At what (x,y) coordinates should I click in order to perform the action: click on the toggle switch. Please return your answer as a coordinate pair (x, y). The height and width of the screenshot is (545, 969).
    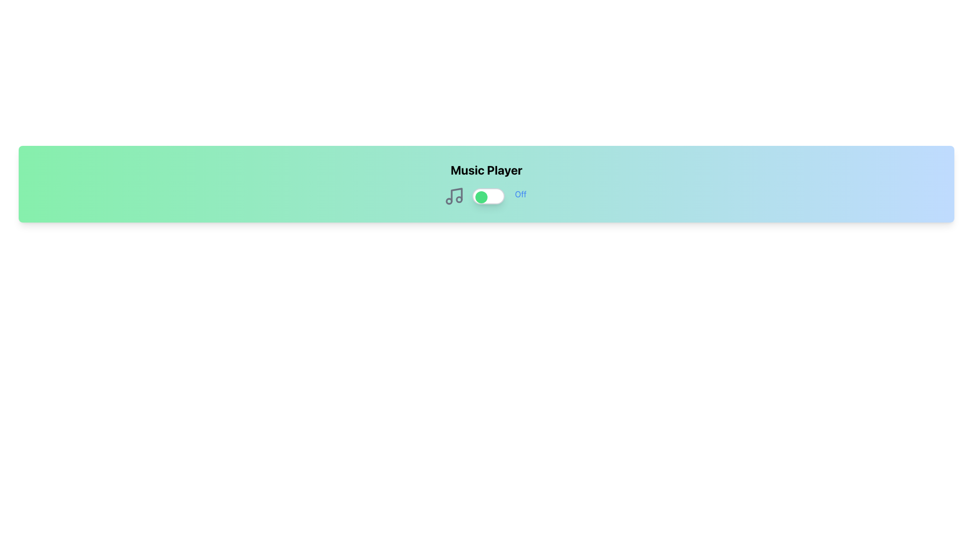
    Looking at the image, I should click on (472, 196).